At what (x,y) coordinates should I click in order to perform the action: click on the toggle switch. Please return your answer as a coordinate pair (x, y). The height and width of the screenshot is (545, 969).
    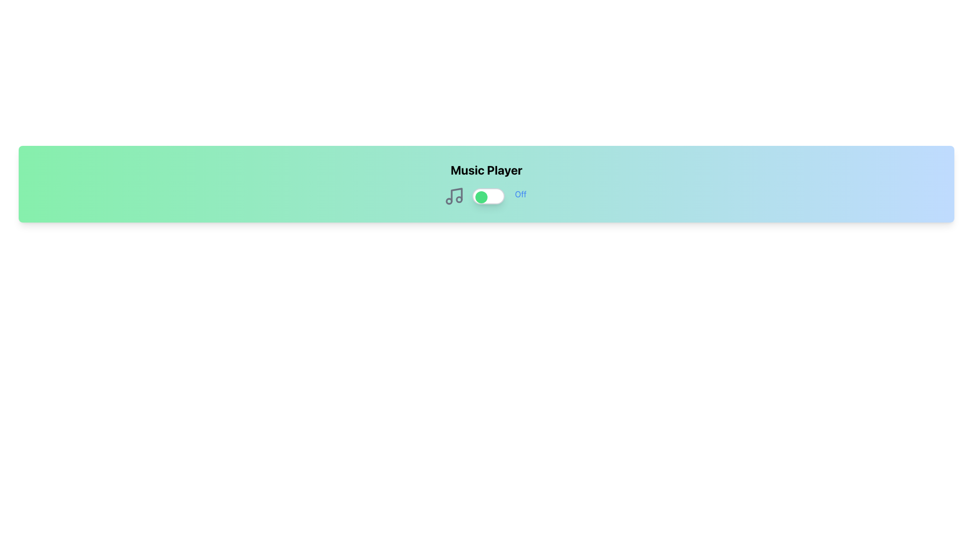
    Looking at the image, I should click on (472, 196).